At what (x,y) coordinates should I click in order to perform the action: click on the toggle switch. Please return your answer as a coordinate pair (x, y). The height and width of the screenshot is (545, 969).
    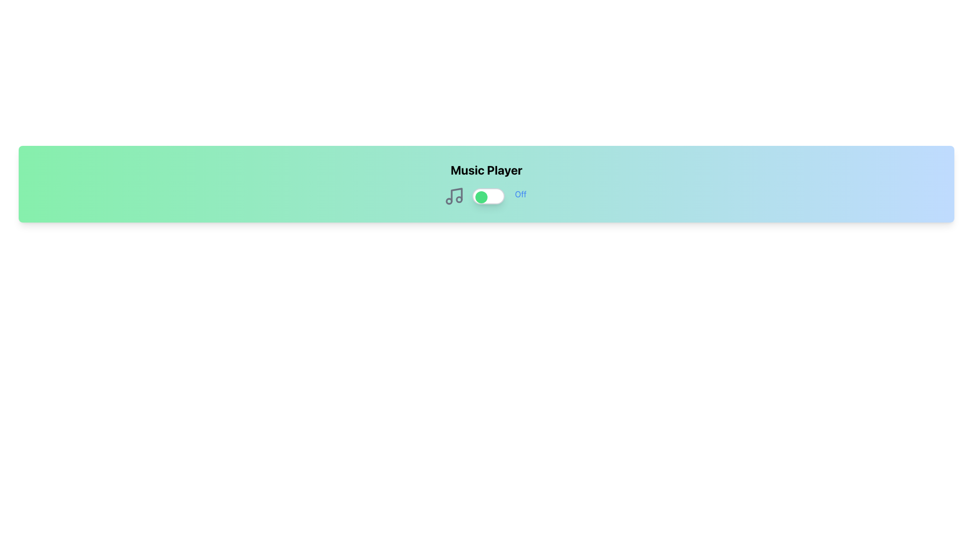
    Looking at the image, I should click on (472, 196).